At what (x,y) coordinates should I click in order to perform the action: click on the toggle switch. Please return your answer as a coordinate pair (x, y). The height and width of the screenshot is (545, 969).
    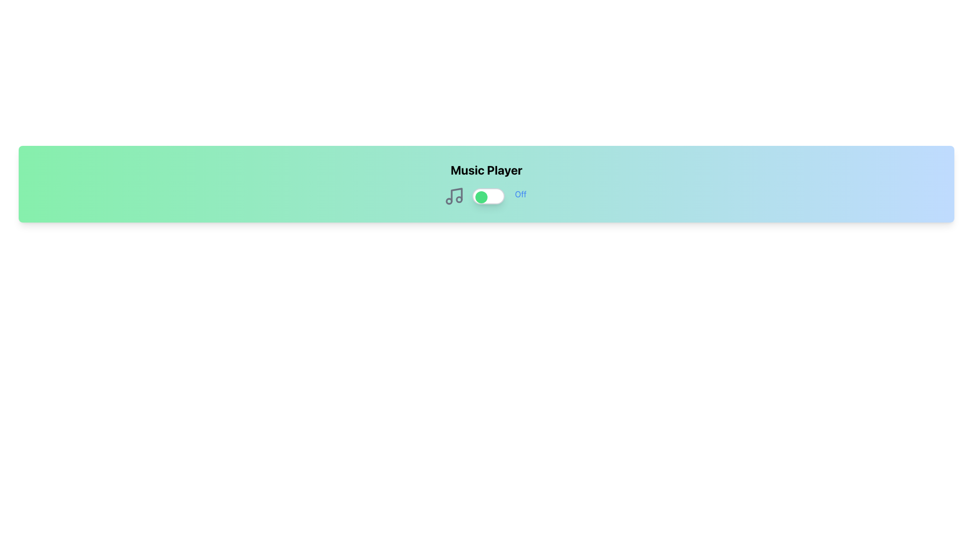
    Looking at the image, I should click on (472, 196).